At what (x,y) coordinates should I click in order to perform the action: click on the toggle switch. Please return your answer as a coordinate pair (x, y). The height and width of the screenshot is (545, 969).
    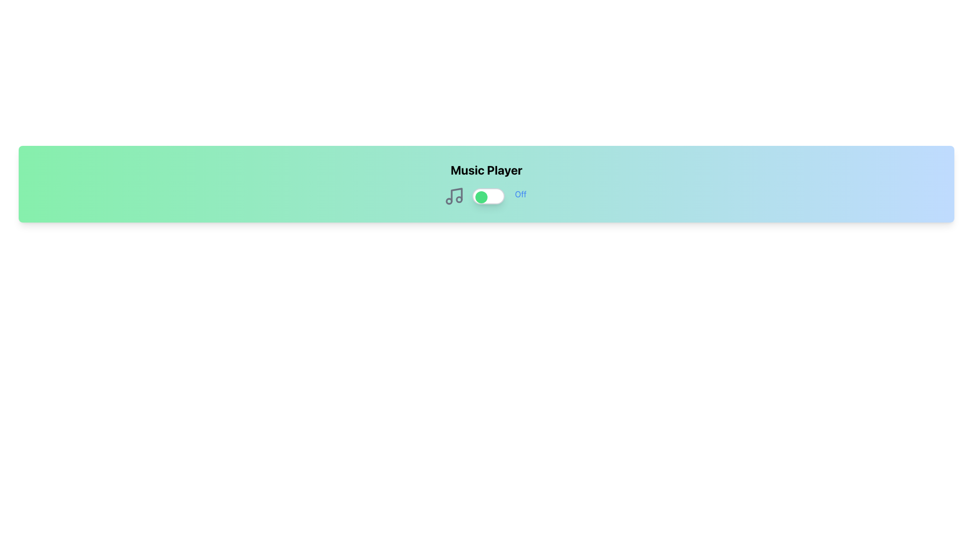
    Looking at the image, I should click on (472, 196).